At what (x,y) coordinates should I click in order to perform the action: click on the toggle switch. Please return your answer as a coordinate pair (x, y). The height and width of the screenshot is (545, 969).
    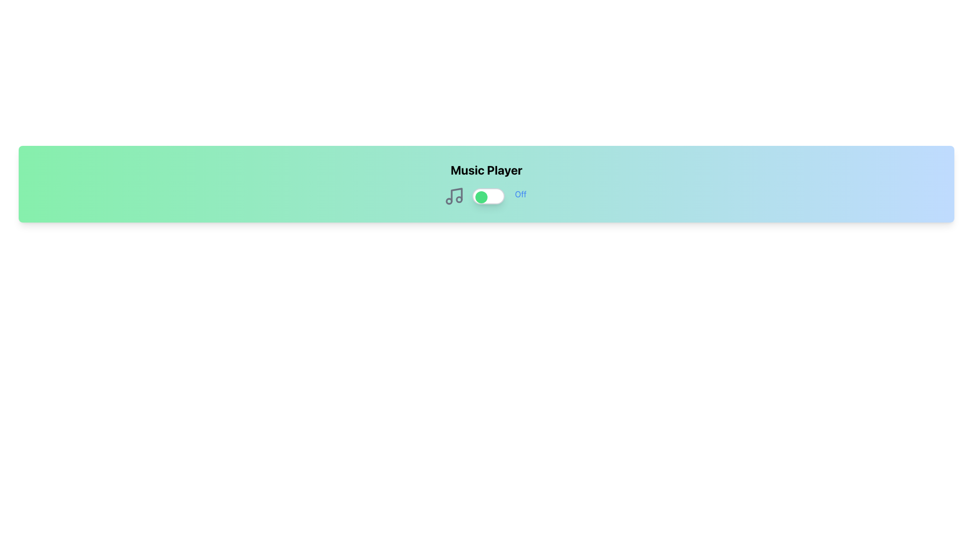
    Looking at the image, I should click on (472, 196).